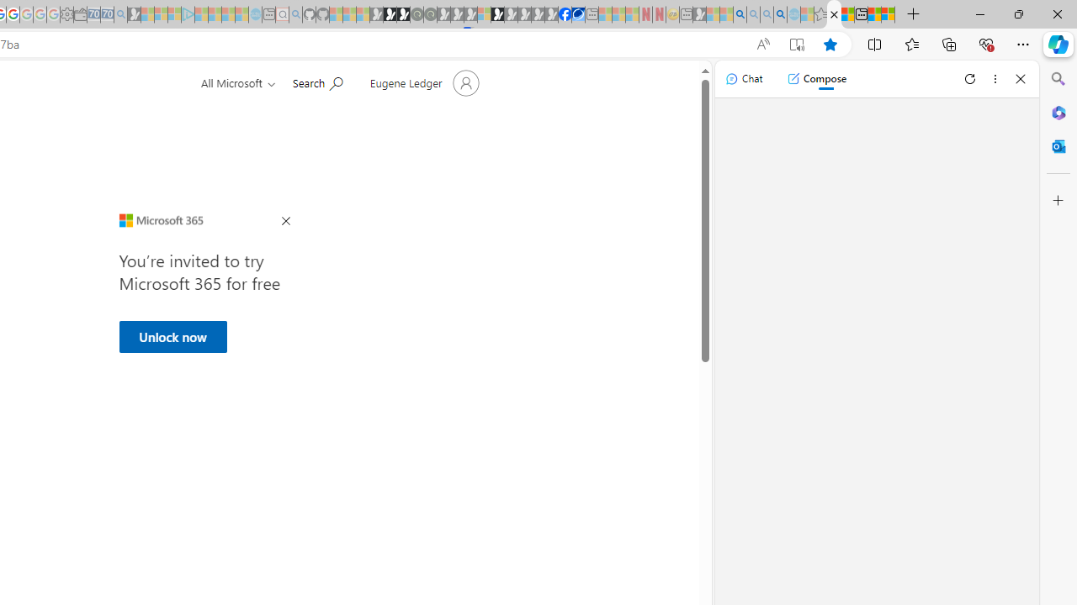  What do you see at coordinates (423, 83) in the screenshot?
I see `'Account manager for Eugene Ledger'` at bounding box center [423, 83].